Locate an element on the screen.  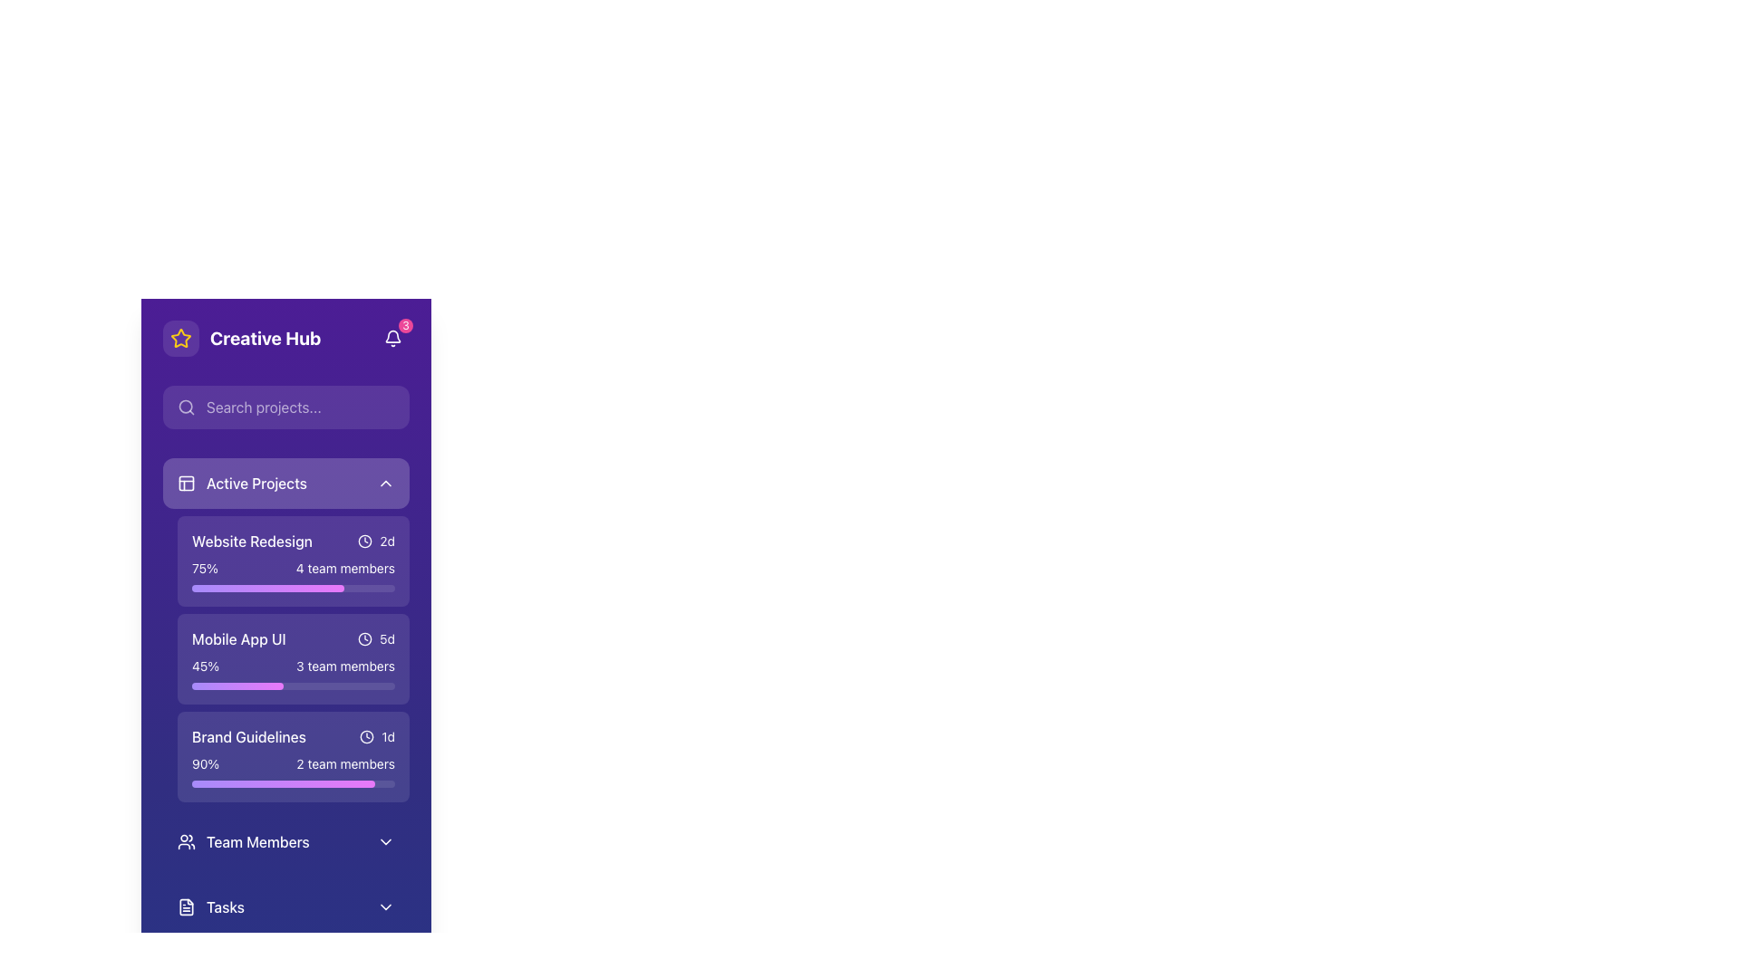
the horizontal progress bar with a gradient background transitioning from violet to fuchsia, located beneath the 'Website Redesign' project card in the 'Active Projects' section is located at coordinates (267, 589).